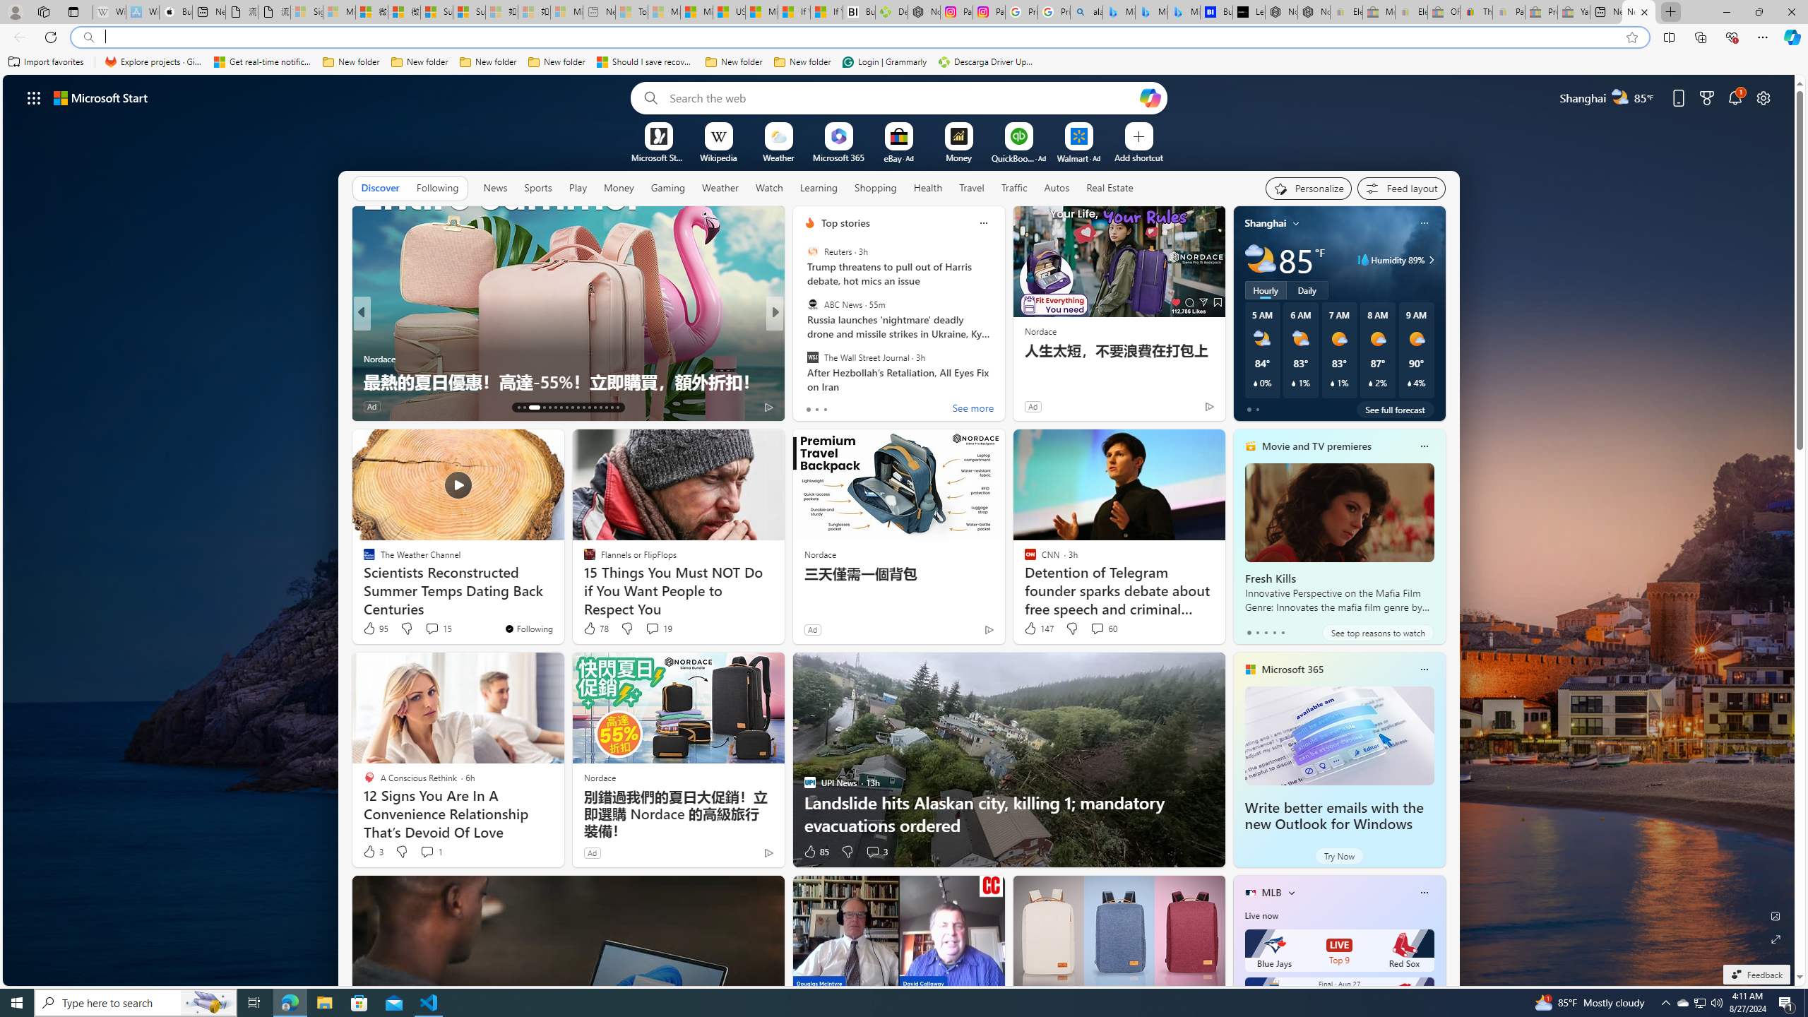  I want to click on 'You', so click(528, 627).